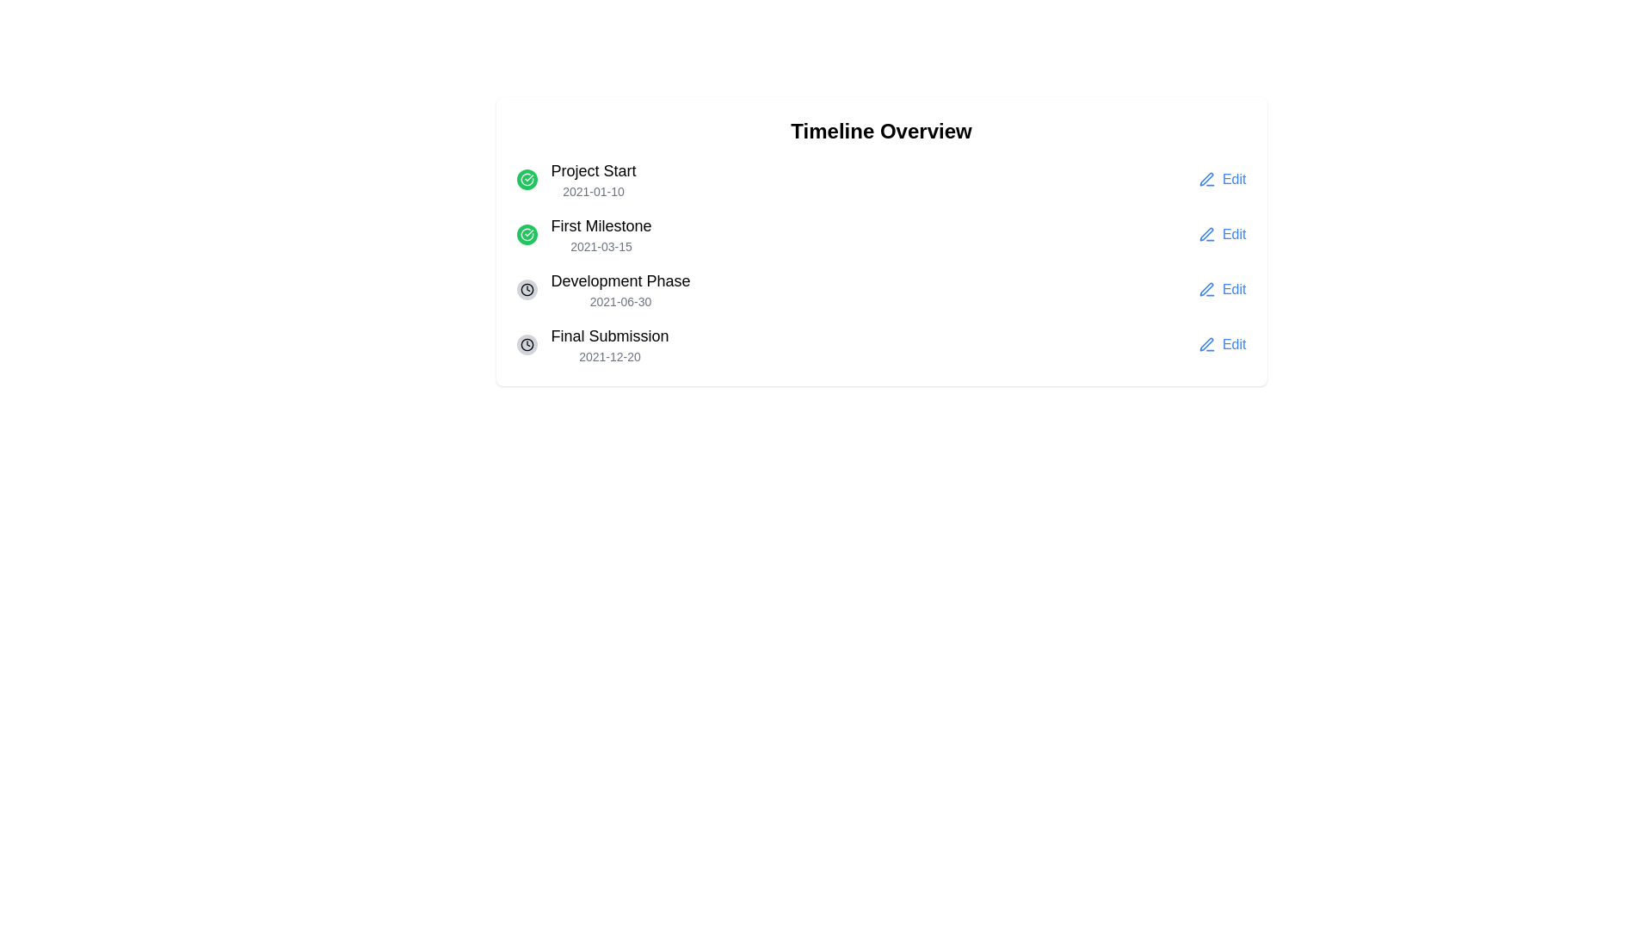  I want to click on the icon indicating the successful completion of the 'Project Start' milestone, which is aligned with the 'Project Start' text in the 'Timeline Overview' section, so click(526, 179).